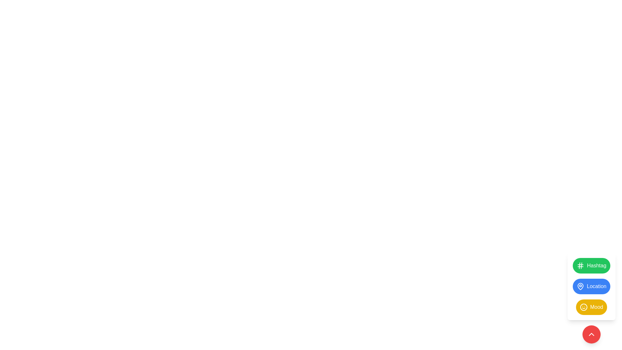 The width and height of the screenshot is (622, 350). Describe the element at coordinates (580, 266) in the screenshot. I see `the green circular hashtag icon styled as an SVG graphic` at that location.